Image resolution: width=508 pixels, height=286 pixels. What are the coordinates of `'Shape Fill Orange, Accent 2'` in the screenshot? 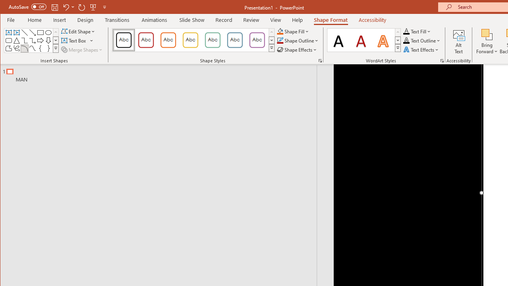 It's located at (280, 31).